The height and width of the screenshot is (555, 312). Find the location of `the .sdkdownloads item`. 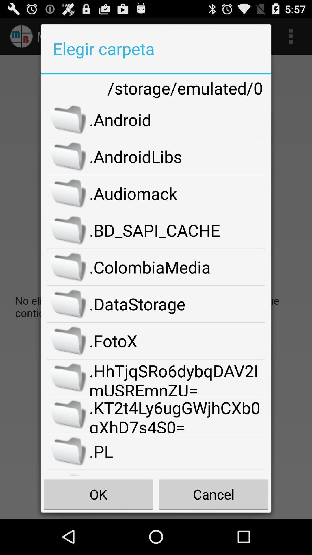

the .sdkdownloads item is located at coordinates (177, 473).